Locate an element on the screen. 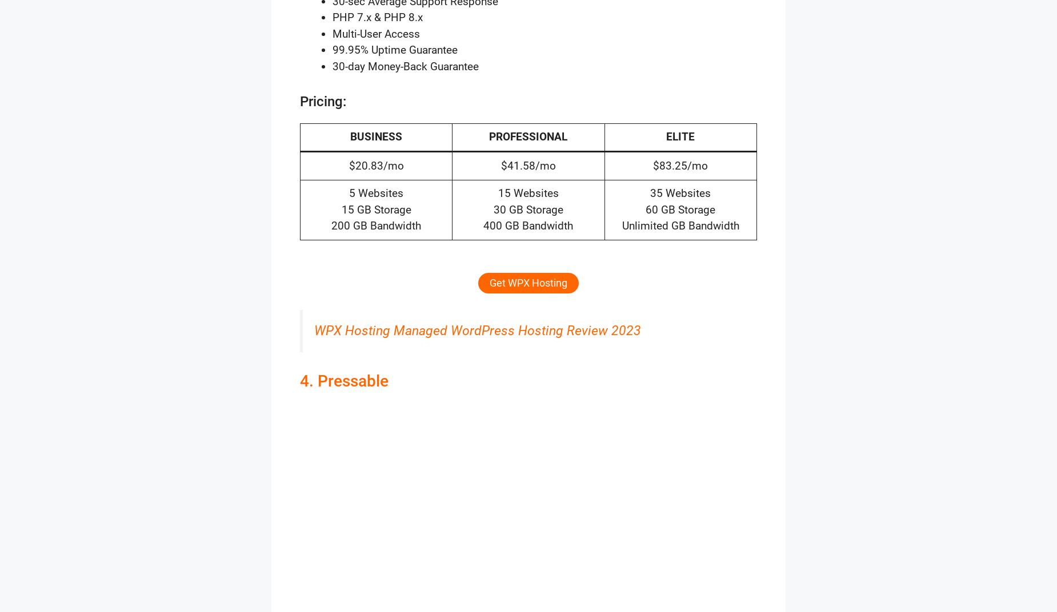  '35 Websites' is located at coordinates (680, 193).